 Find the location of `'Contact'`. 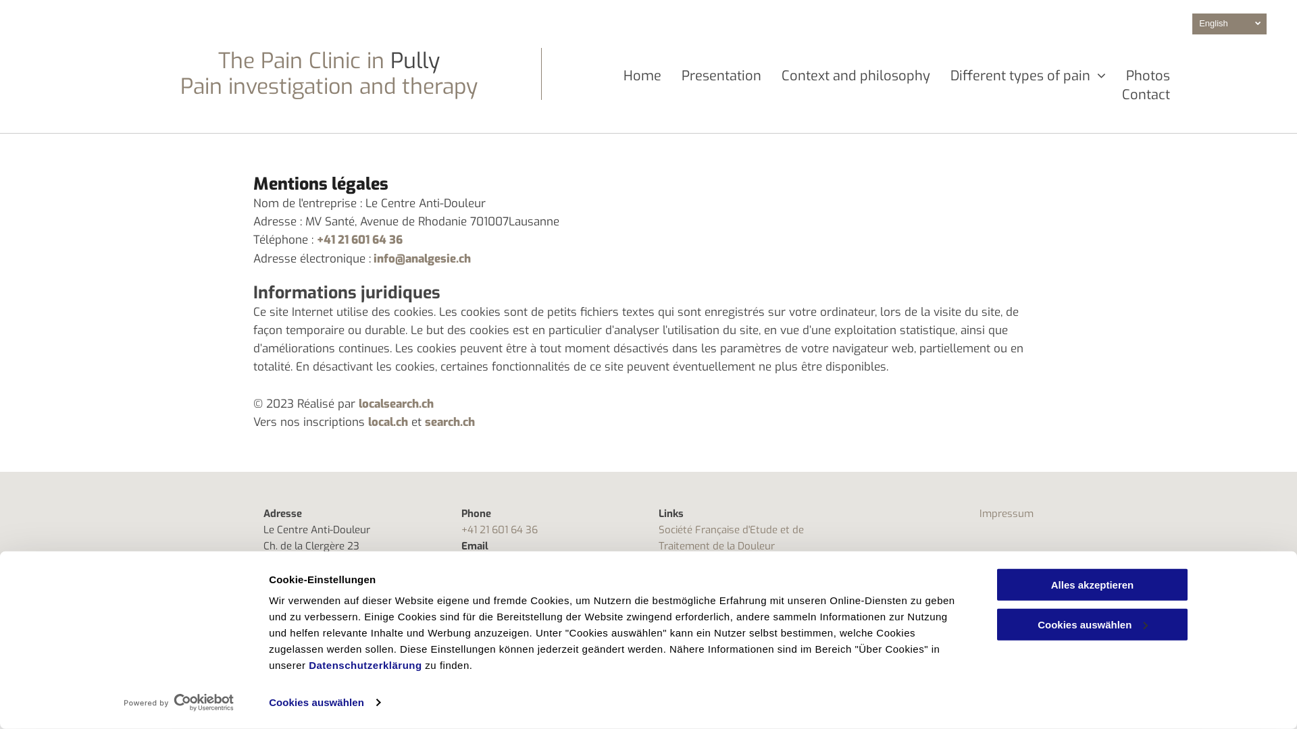

'Contact' is located at coordinates (1145, 95).